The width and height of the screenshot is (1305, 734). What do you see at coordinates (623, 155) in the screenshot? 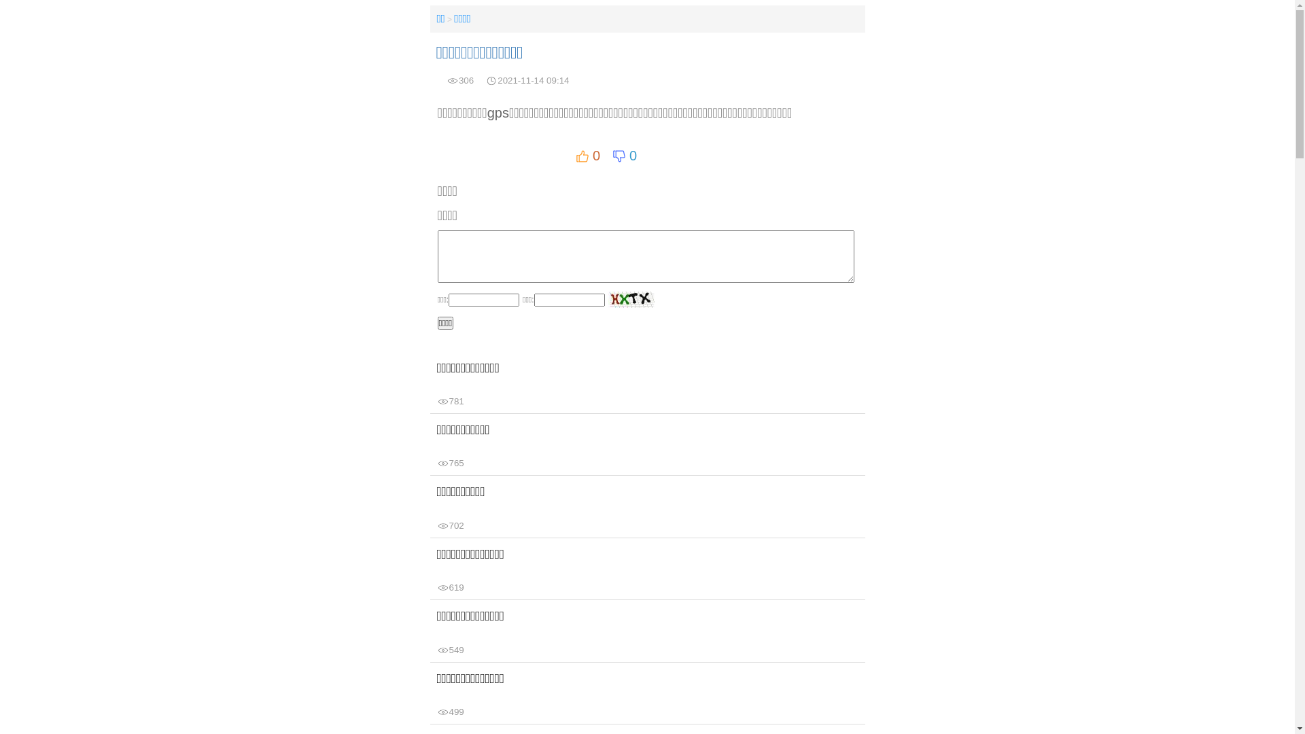
I see `'0'` at bounding box center [623, 155].